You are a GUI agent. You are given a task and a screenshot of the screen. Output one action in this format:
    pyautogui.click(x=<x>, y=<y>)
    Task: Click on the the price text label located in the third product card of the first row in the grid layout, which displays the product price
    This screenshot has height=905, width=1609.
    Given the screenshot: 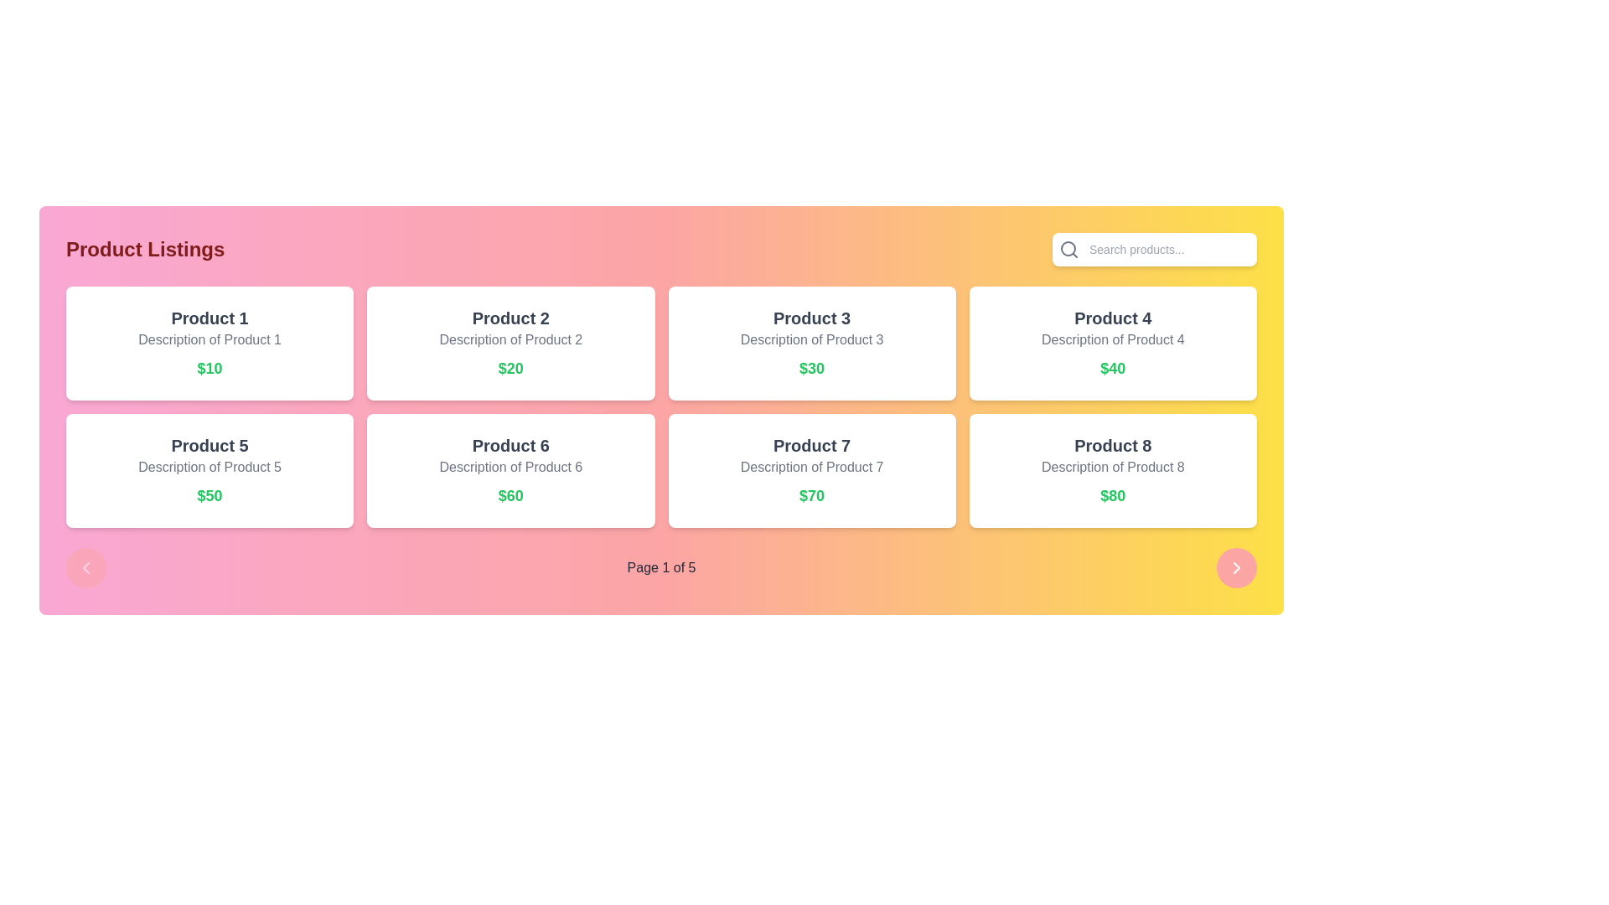 What is the action you would take?
    pyautogui.click(x=812, y=367)
    